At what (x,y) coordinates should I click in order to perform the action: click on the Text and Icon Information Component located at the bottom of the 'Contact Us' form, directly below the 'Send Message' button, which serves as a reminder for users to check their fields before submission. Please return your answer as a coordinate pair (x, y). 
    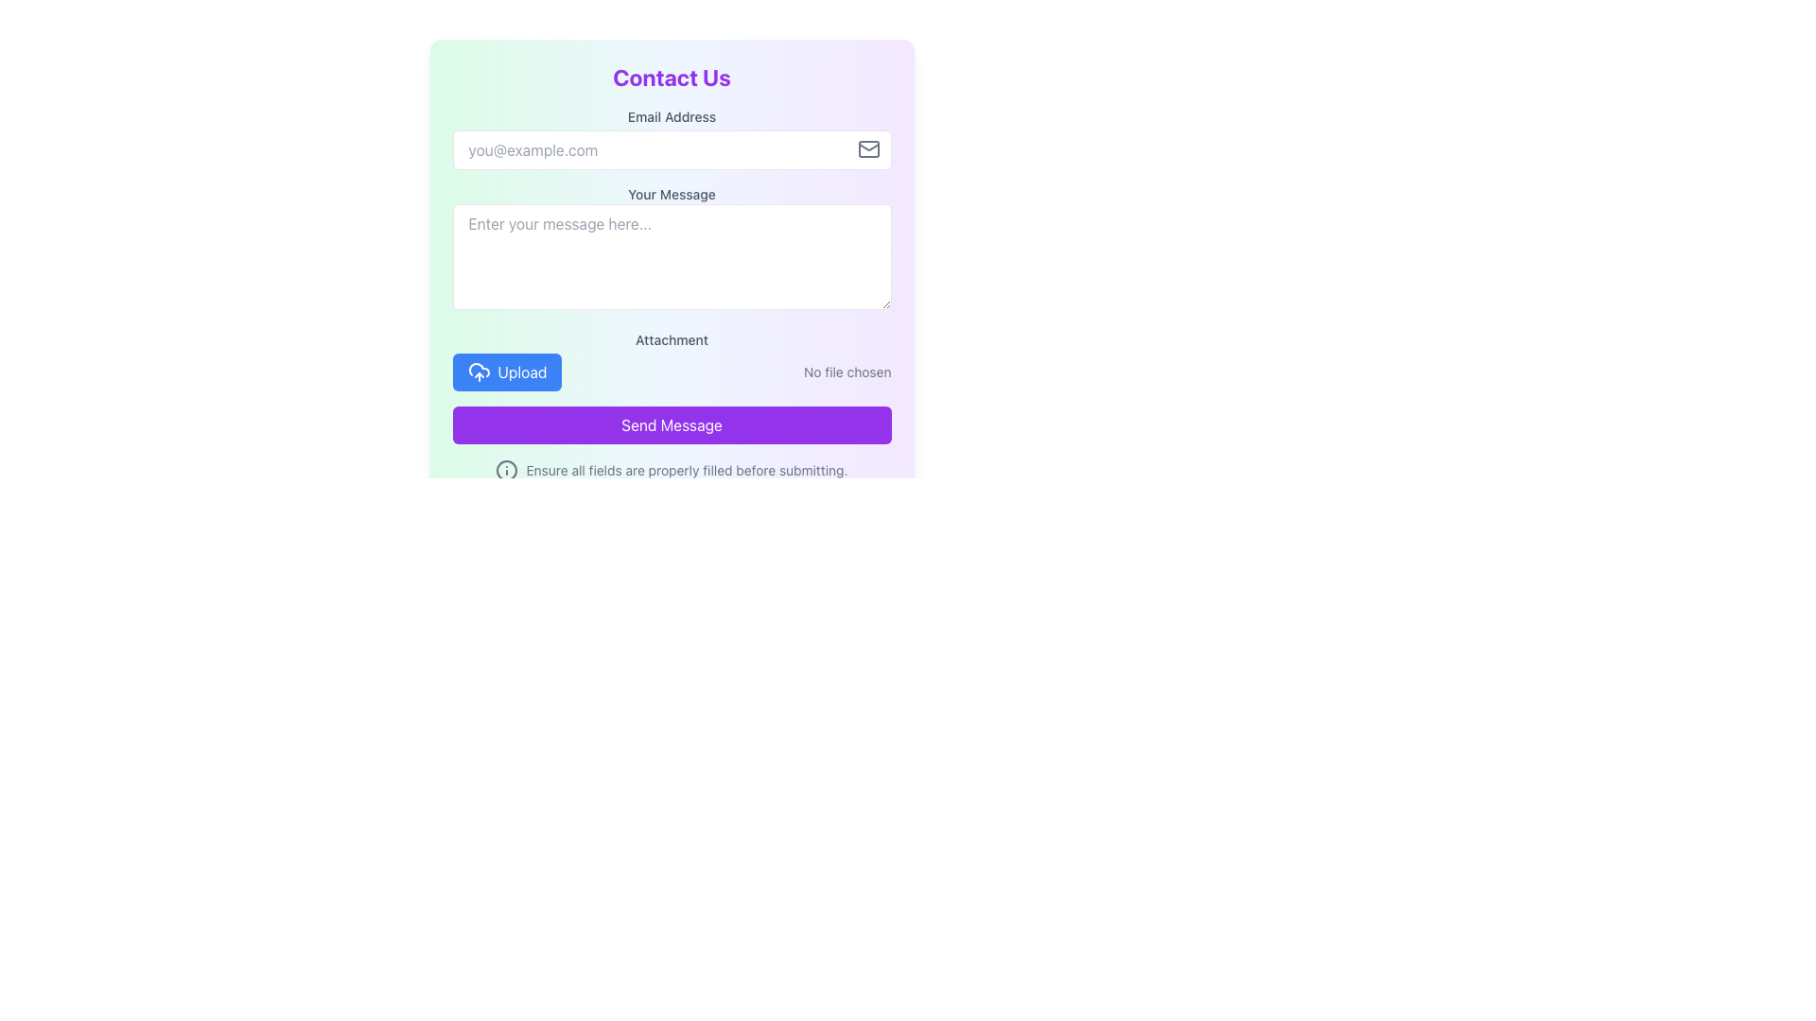
    Looking at the image, I should click on (672, 469).